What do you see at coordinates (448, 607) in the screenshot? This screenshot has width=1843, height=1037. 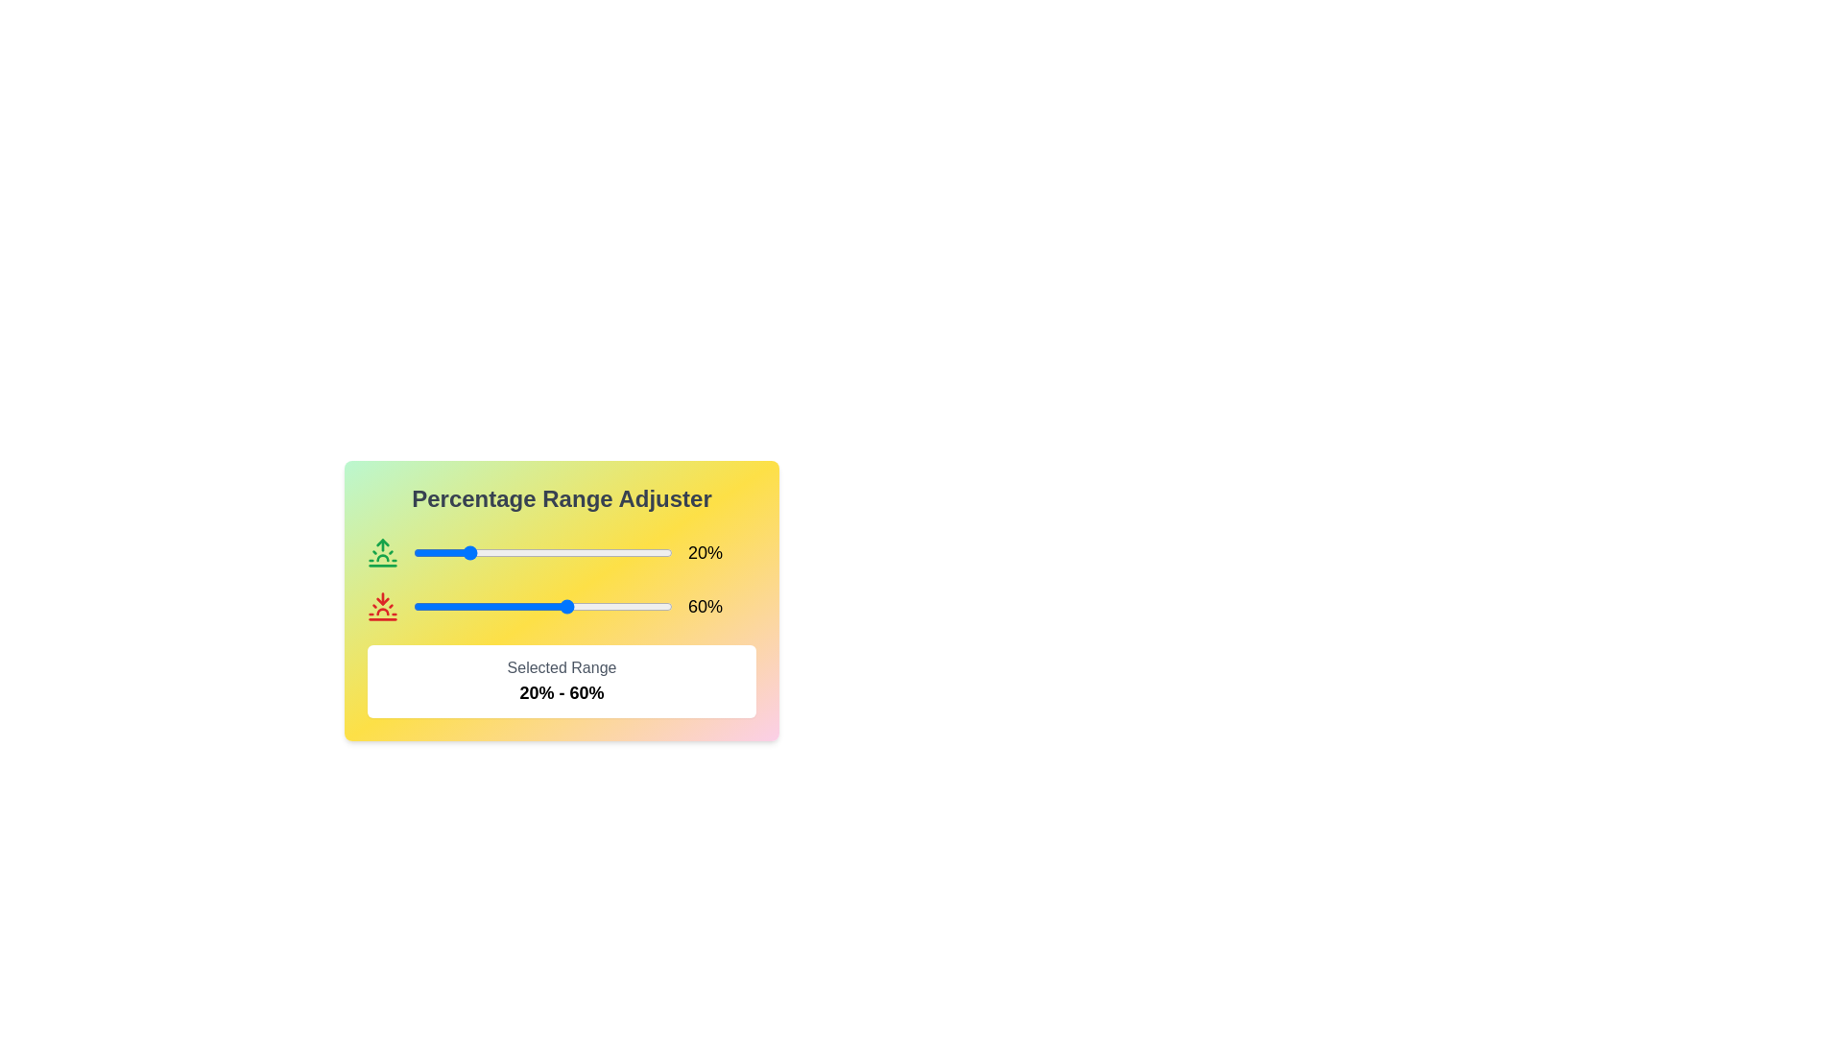 I see `the slider` at bounding box center [448, 607].